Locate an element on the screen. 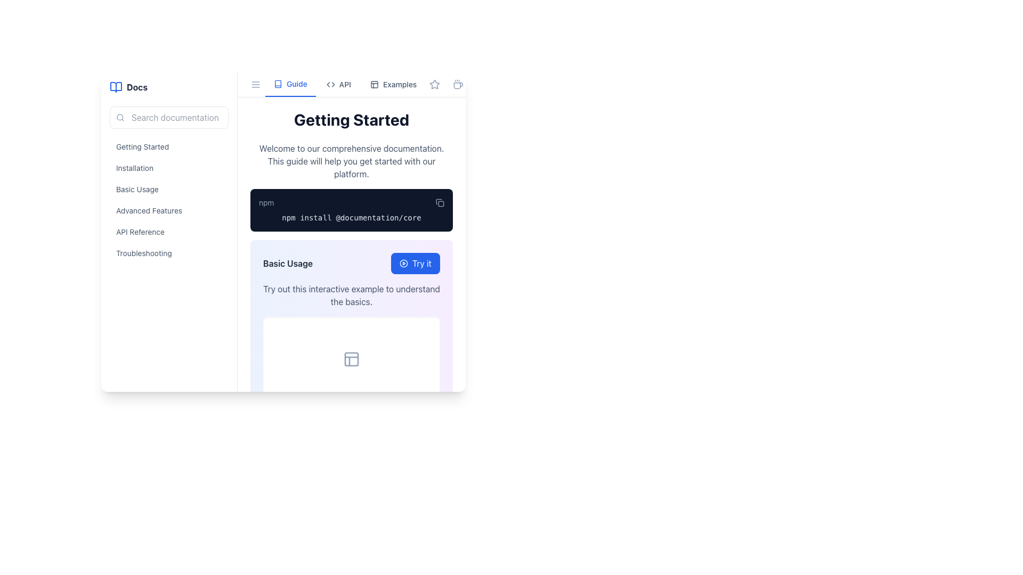 Image resolution: width=1023 pixels, height=575 pixels. the star-shaped icon in the top-right corner of the application's header bar is located at coordinates (435, 84).